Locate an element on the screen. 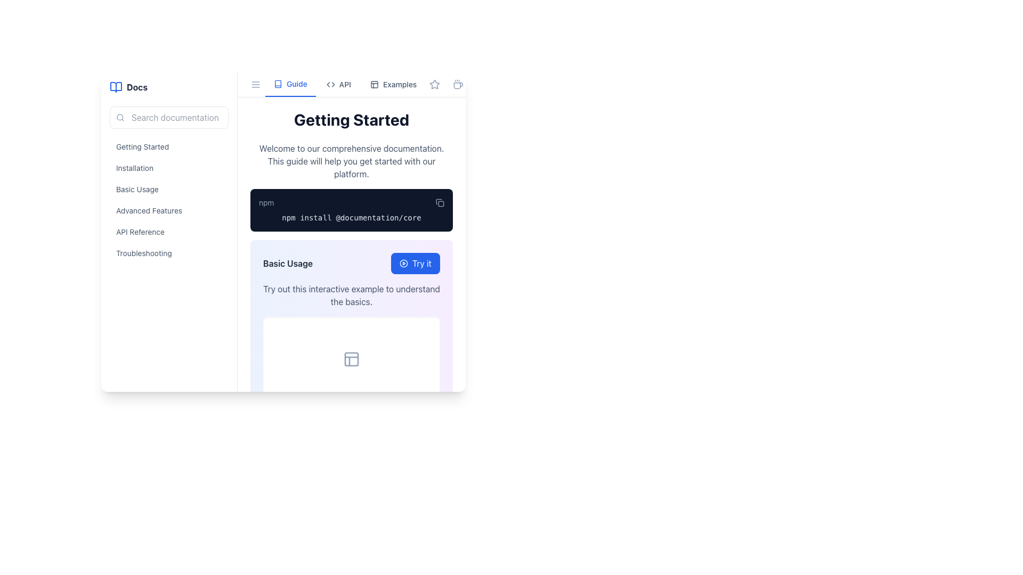 Image resolution: width=1023 pixels, height=575 pixels. the star-shaped icon in the top-right corner of the application's header bar is located at coordinates (435, 84).